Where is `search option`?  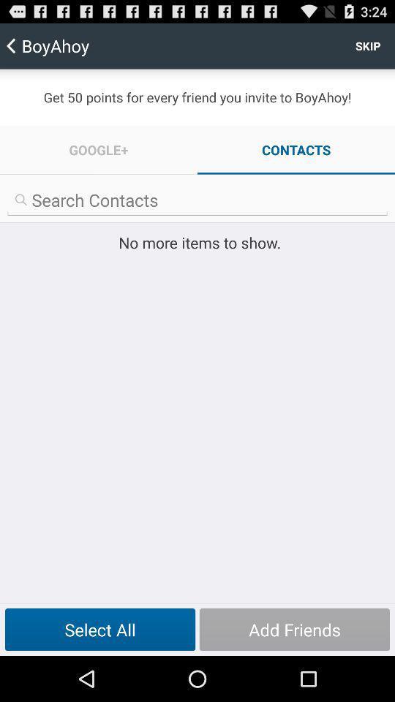
search option is located at coordinates (197, 200).